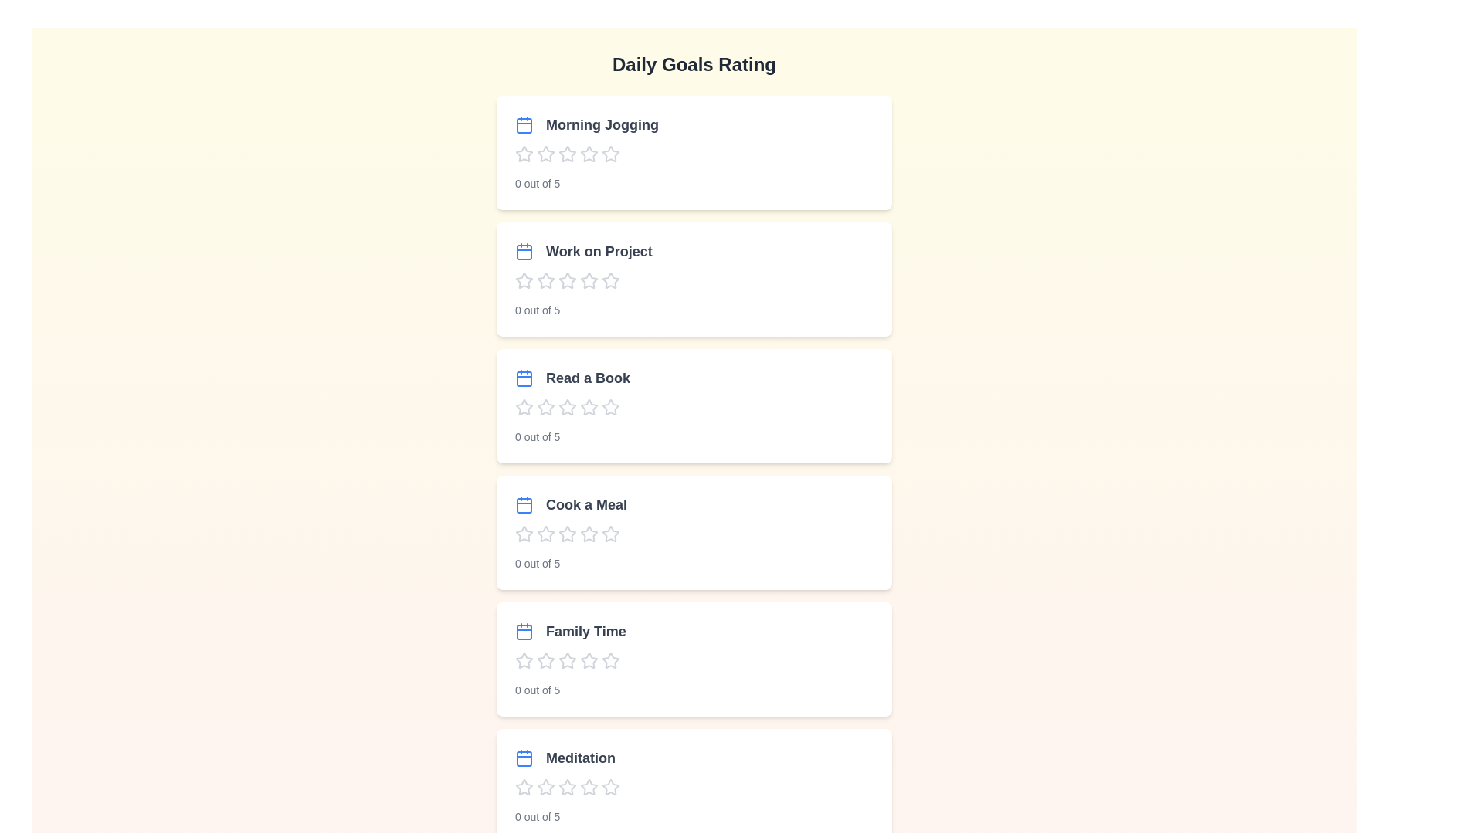 Image resolution: width=1483 pixels, height=834 pixels. I want to click on the goal title corresponding to Work on Project, so click(582, 251).